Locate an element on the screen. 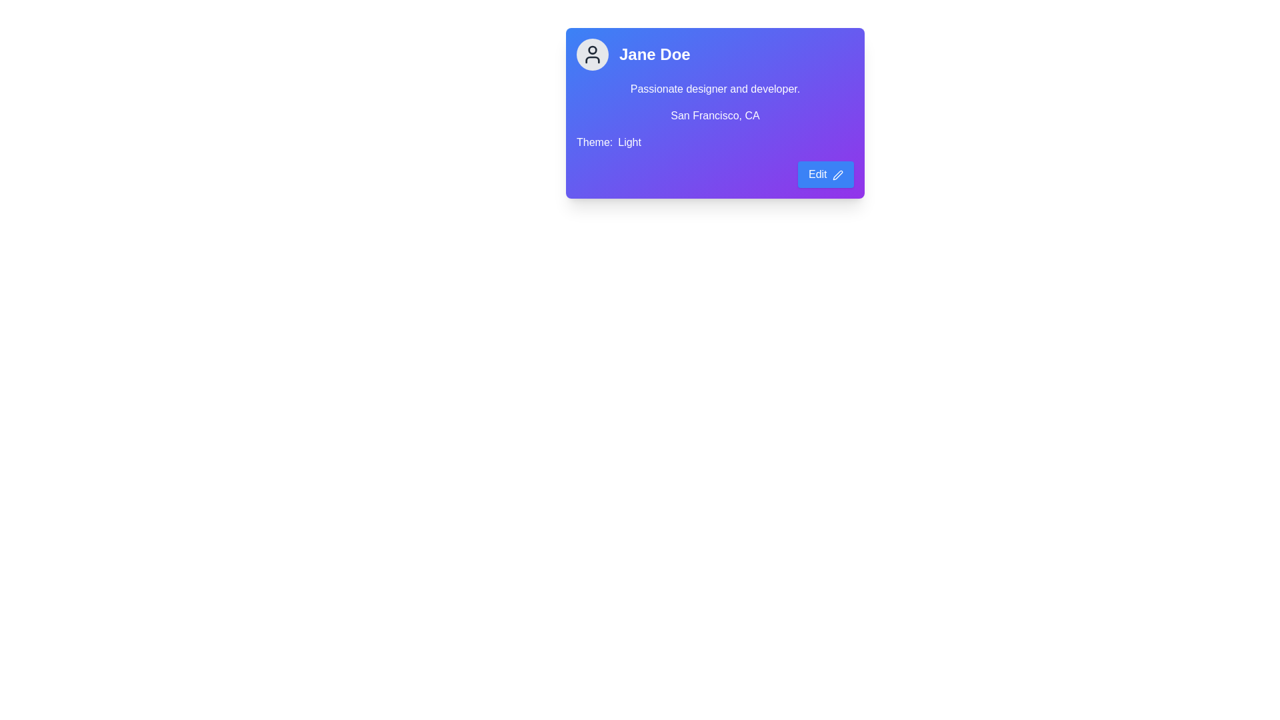 This screenshot has width=1280, height=720. the pen-shaped icon located at the top-right corner of the blue 'Edit' button by moving the mouse cursor over it is located at coordinates (837, 174).